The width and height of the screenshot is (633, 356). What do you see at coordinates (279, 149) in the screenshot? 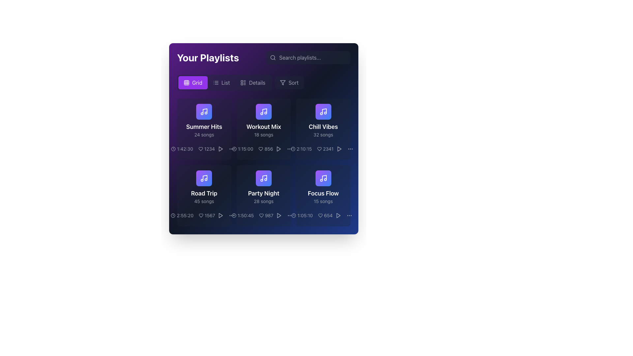
I see `the playback initiation button located to the right of the text '856' and below '1:15:00' for the 'Workout Mix' playlist` at bounding box center [279, 149].